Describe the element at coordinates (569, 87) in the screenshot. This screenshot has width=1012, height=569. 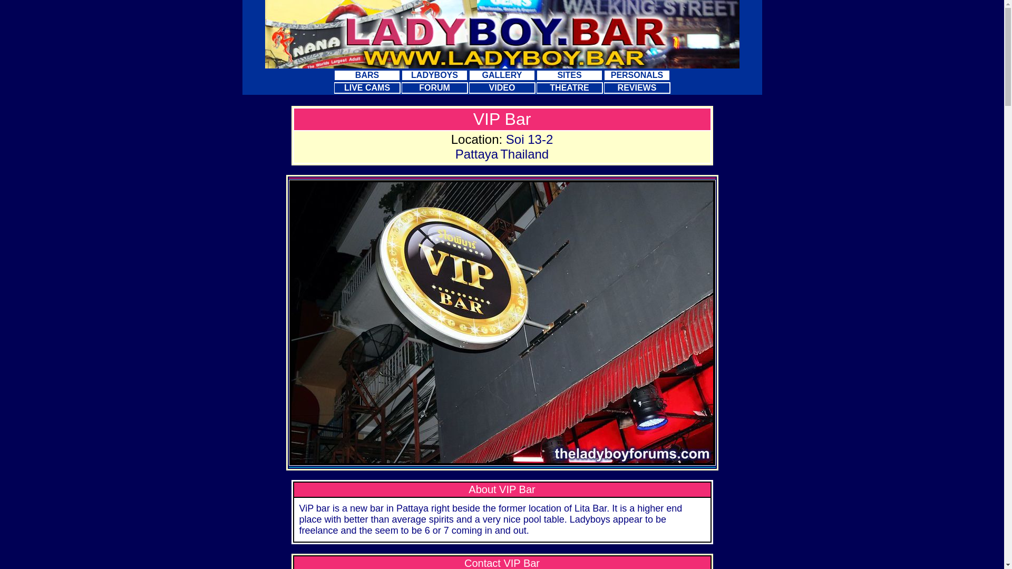
I see `'THEATRE'` at that location.